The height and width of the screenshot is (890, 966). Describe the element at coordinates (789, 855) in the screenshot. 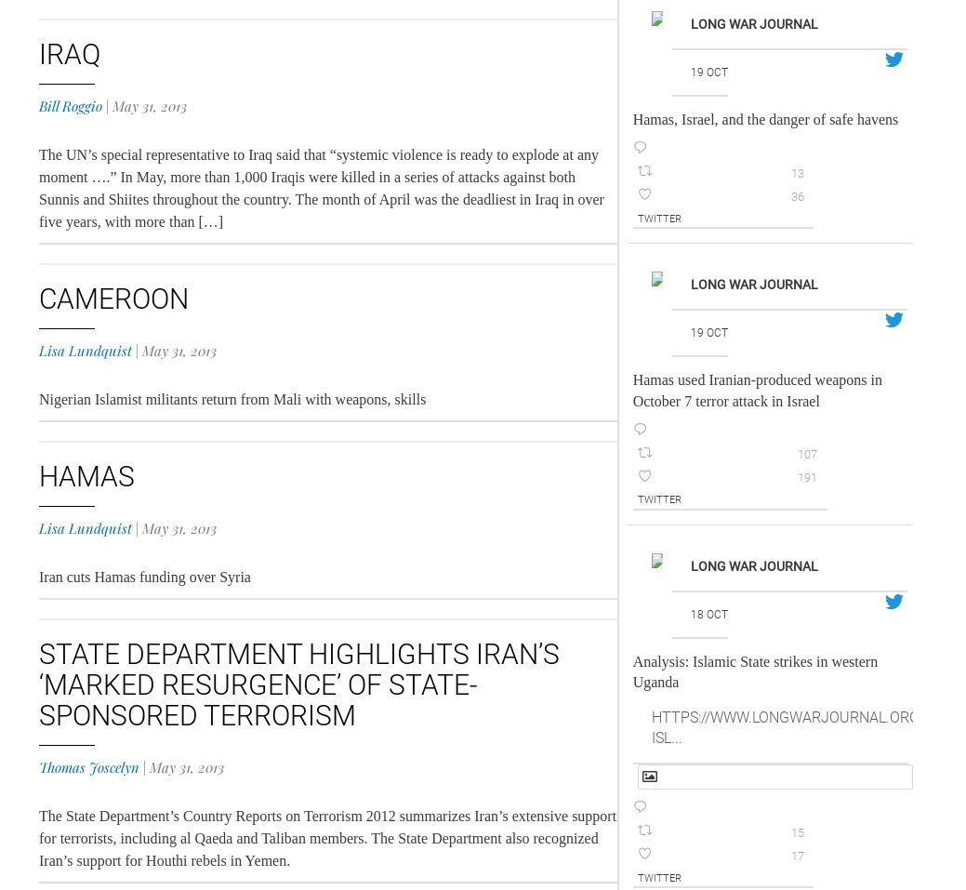

I see `'17'` at that location.